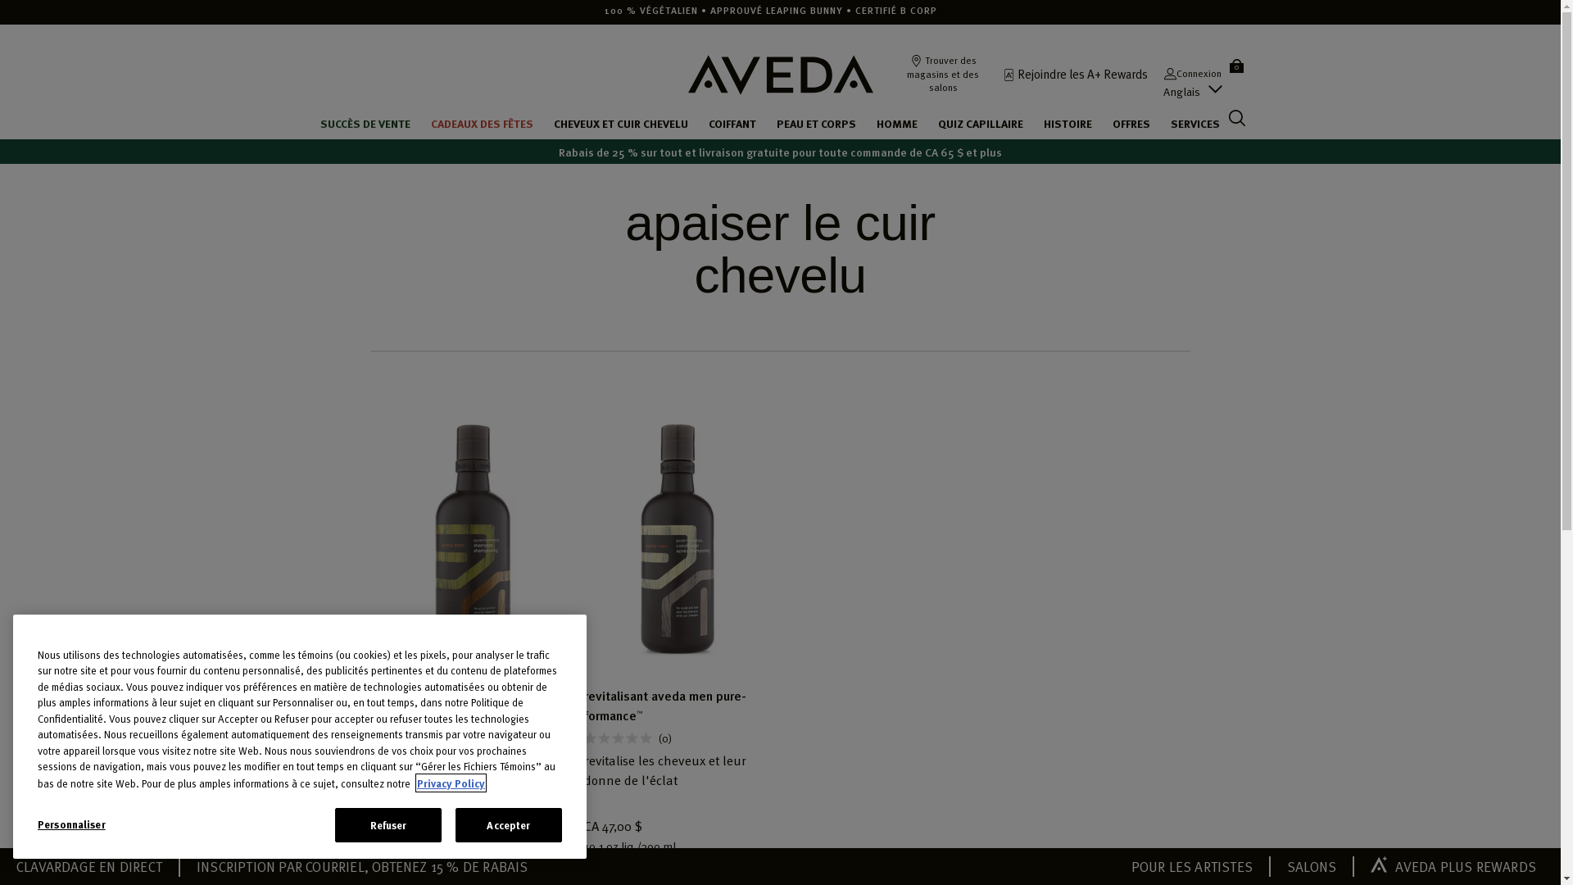 The width and height of the screenshot is (1573, 885). What do you see at coordinates (1181, 91) in the screenshot?
I see `'Anglais'` at bounding box center [1181, 91].